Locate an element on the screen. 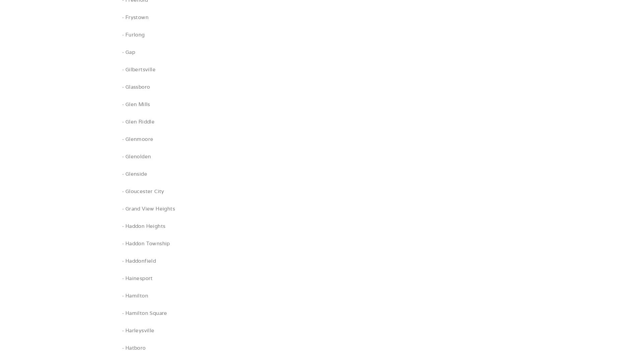  '· Haddon Township' is located at coordinates (122, 243).